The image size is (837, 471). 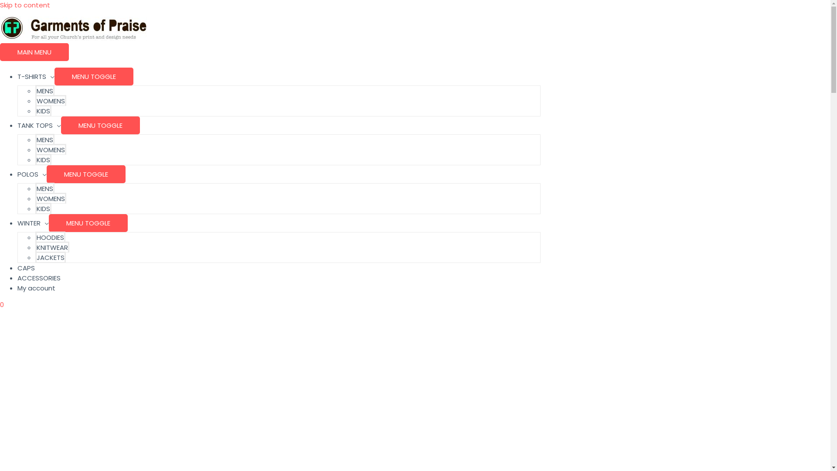 I want to click on 'My account', so click(x=36, y=288).